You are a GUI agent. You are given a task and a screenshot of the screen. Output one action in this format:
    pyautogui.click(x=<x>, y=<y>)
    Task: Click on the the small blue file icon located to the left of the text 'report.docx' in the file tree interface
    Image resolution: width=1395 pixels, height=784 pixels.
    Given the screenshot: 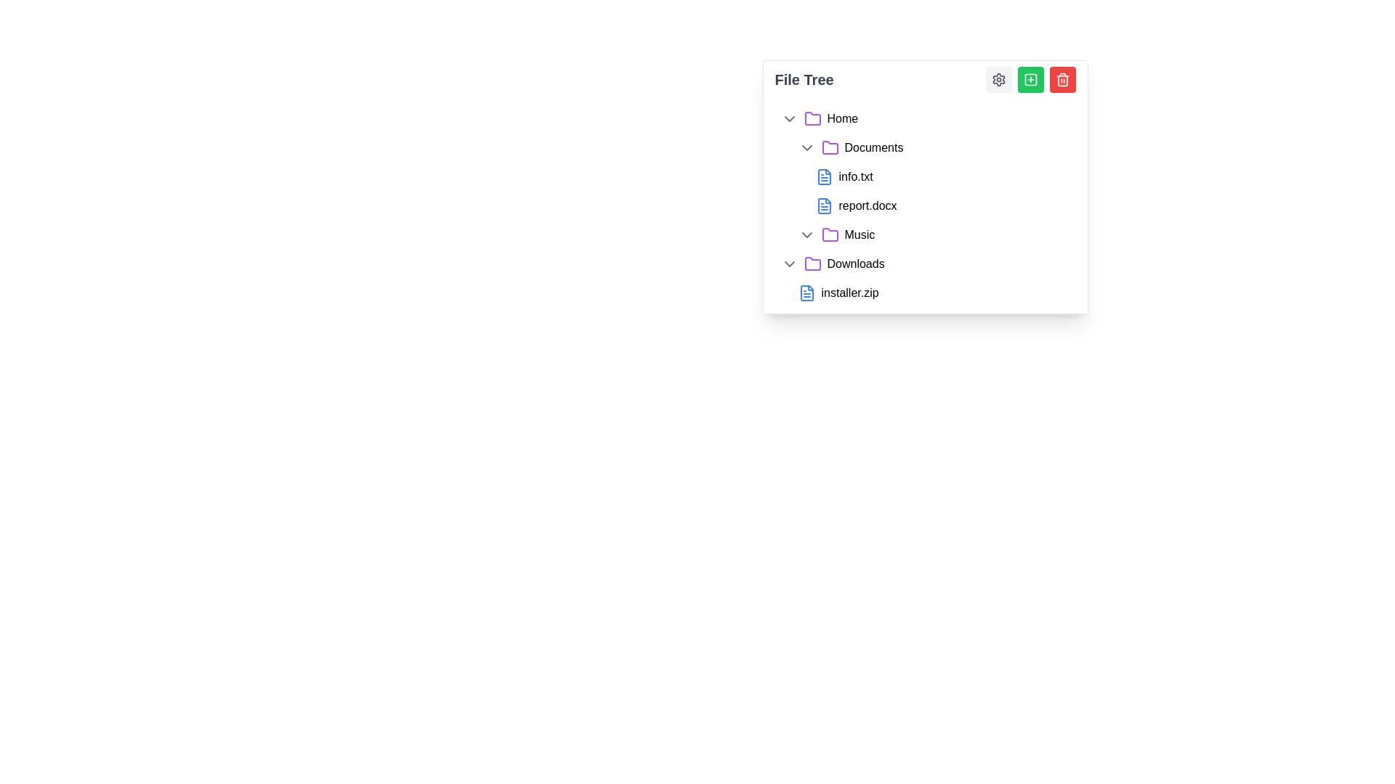 What is the action you would take?
    pyautogui.click(x=824, y=206)
    